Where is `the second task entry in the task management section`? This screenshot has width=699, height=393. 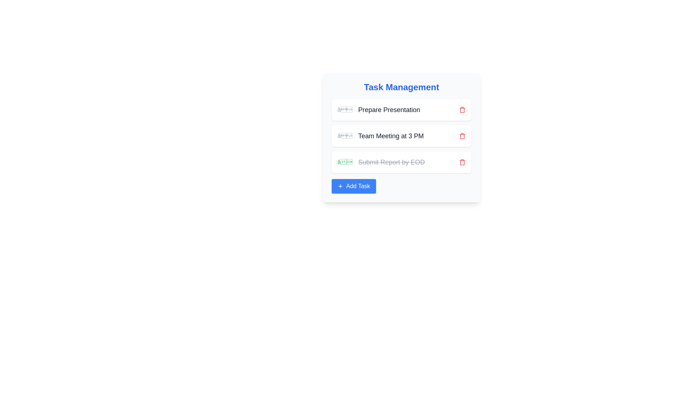 the second task entry in the task management section is located at coordinates (380, 136).